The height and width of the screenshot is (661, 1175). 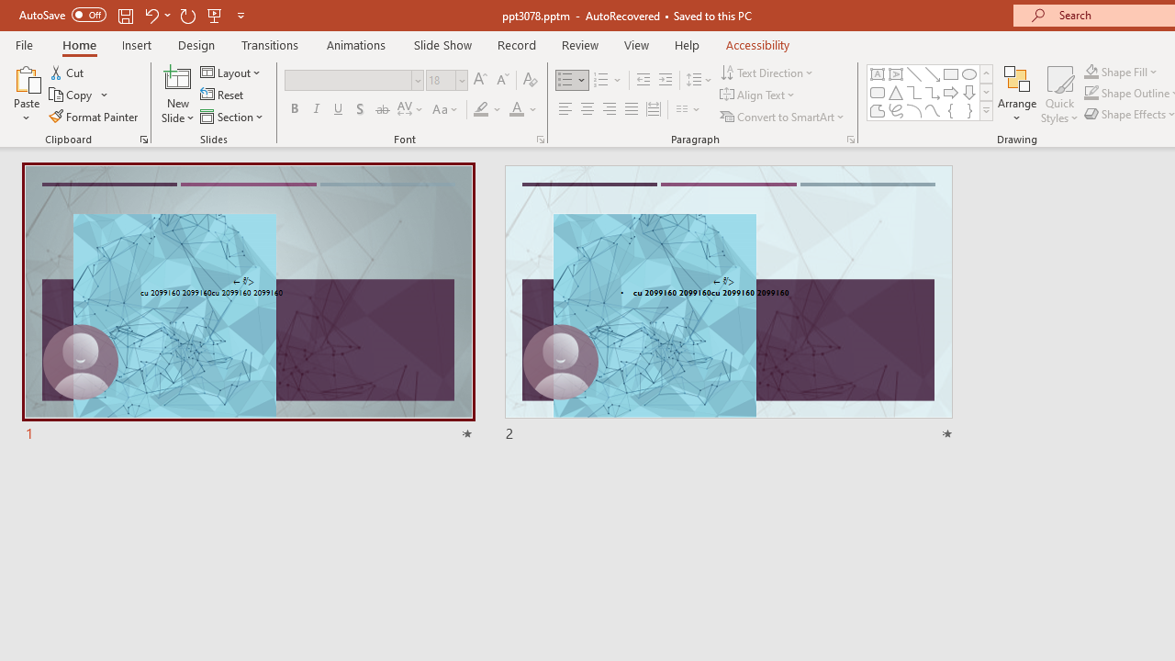 What do you see at coordinates (1091, 93) in the screenshot?
I see `'Shape Outline Green, Accent 1'` at bounding box center [1091, 93].